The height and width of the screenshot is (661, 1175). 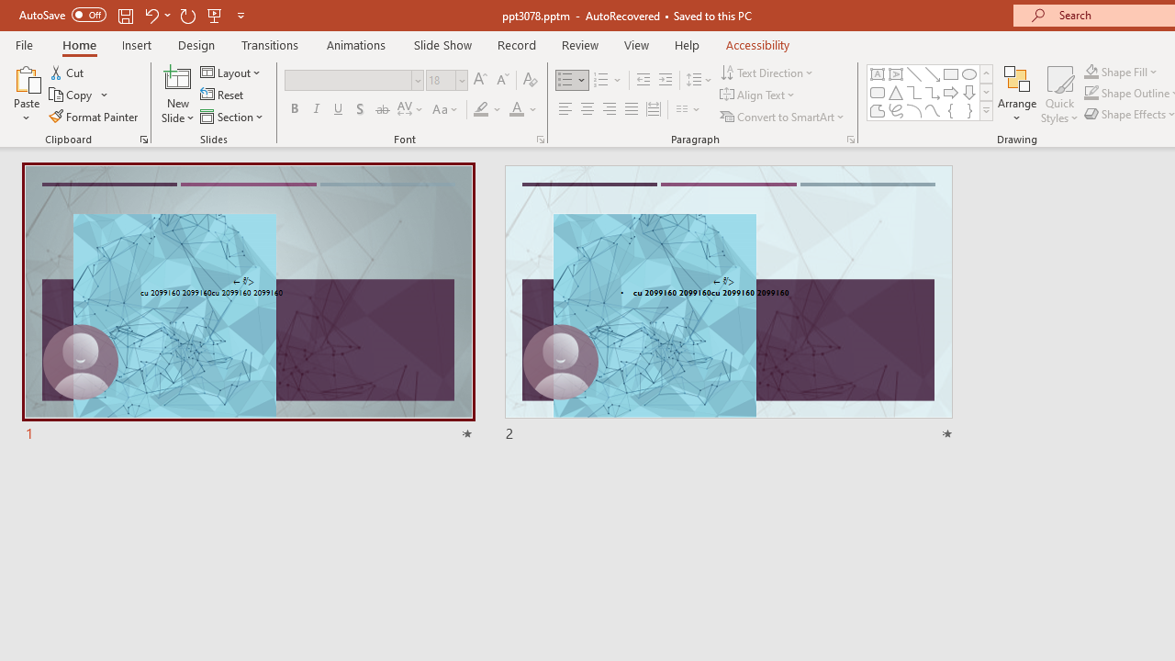 What do you see at coordinates (1091, 93) in the screenshot?
I see `'Shape Outline Green, Accent 1'` at bounding box center [1091, 93].